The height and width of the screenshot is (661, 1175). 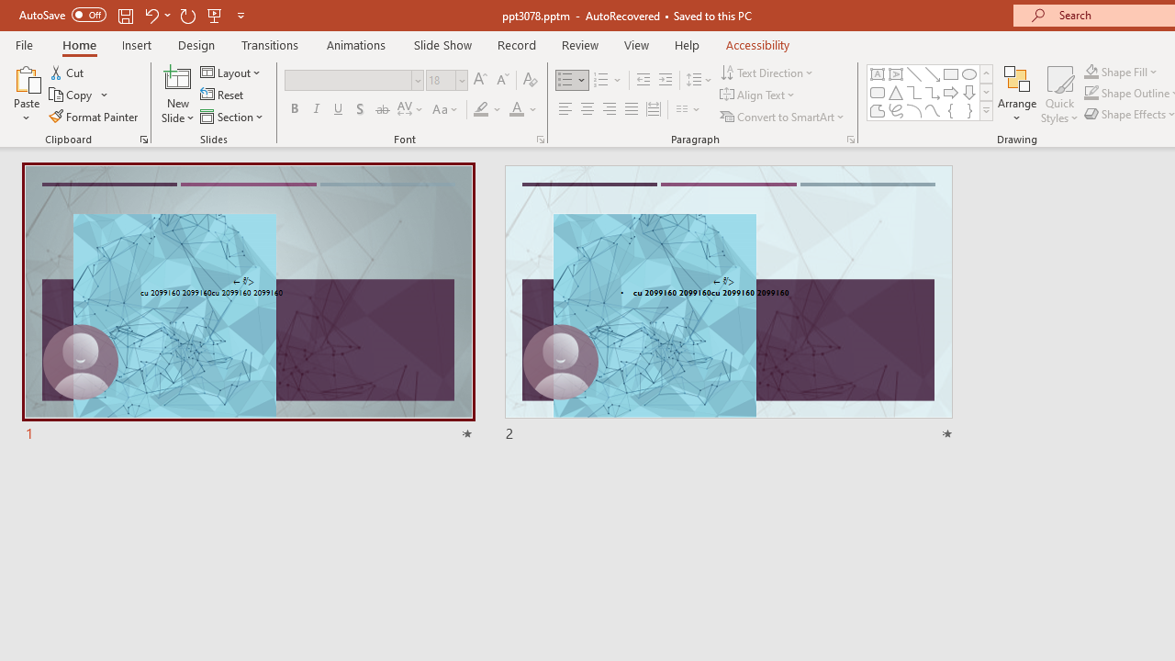 What do you see at coordinates (1091, 93) in the screenshot?
I see `'Shape Outline Green, Accent 1'` at bounding box center [1091, 93].